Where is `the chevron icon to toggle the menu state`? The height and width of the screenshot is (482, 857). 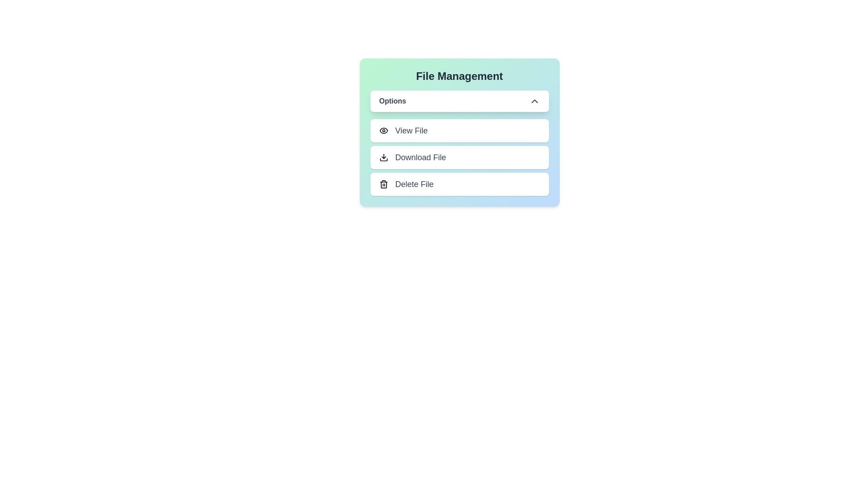
the chevron icon to toggle the menu state is located at coordinates (534, 101).